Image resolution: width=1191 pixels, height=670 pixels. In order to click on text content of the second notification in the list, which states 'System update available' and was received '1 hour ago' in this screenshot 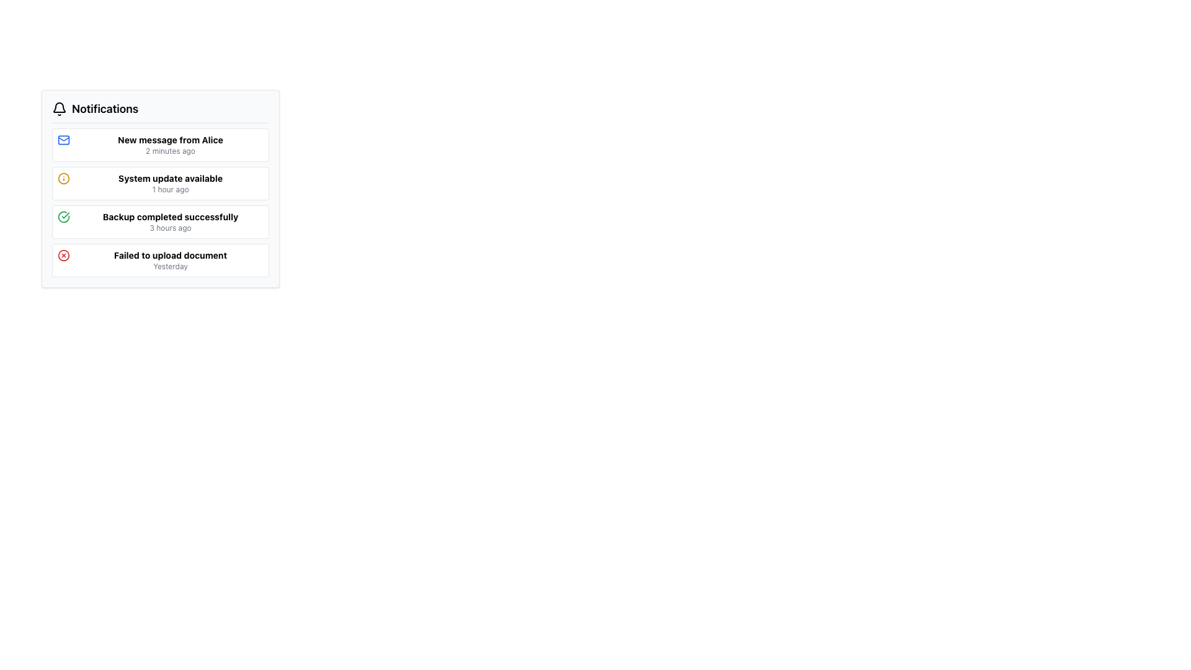, I will do `click(169, 184)`.